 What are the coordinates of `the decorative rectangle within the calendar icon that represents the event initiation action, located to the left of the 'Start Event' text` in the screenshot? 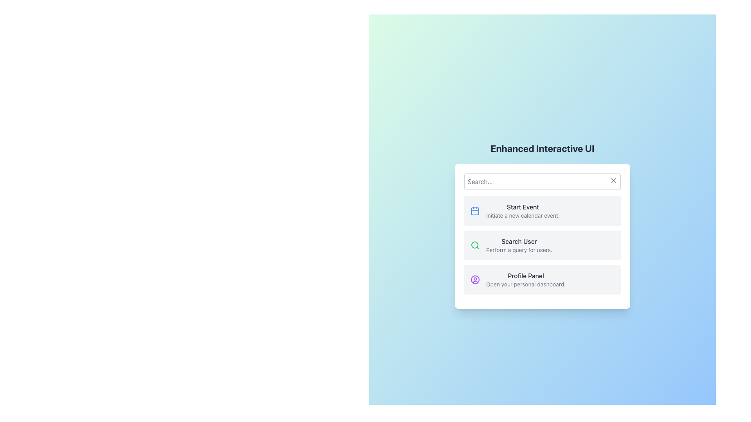 It's located at (474, 211).